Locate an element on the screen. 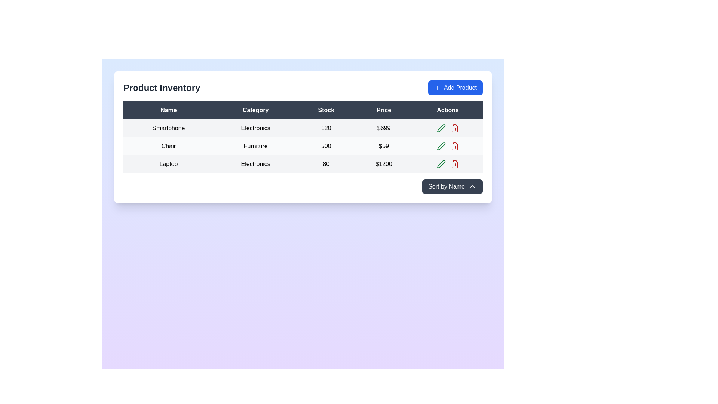  the 'Category' table header, which is a rectangular text block with white text on a dark blue background, positioned as the second column header in the table is located at coordinates (255, 110).